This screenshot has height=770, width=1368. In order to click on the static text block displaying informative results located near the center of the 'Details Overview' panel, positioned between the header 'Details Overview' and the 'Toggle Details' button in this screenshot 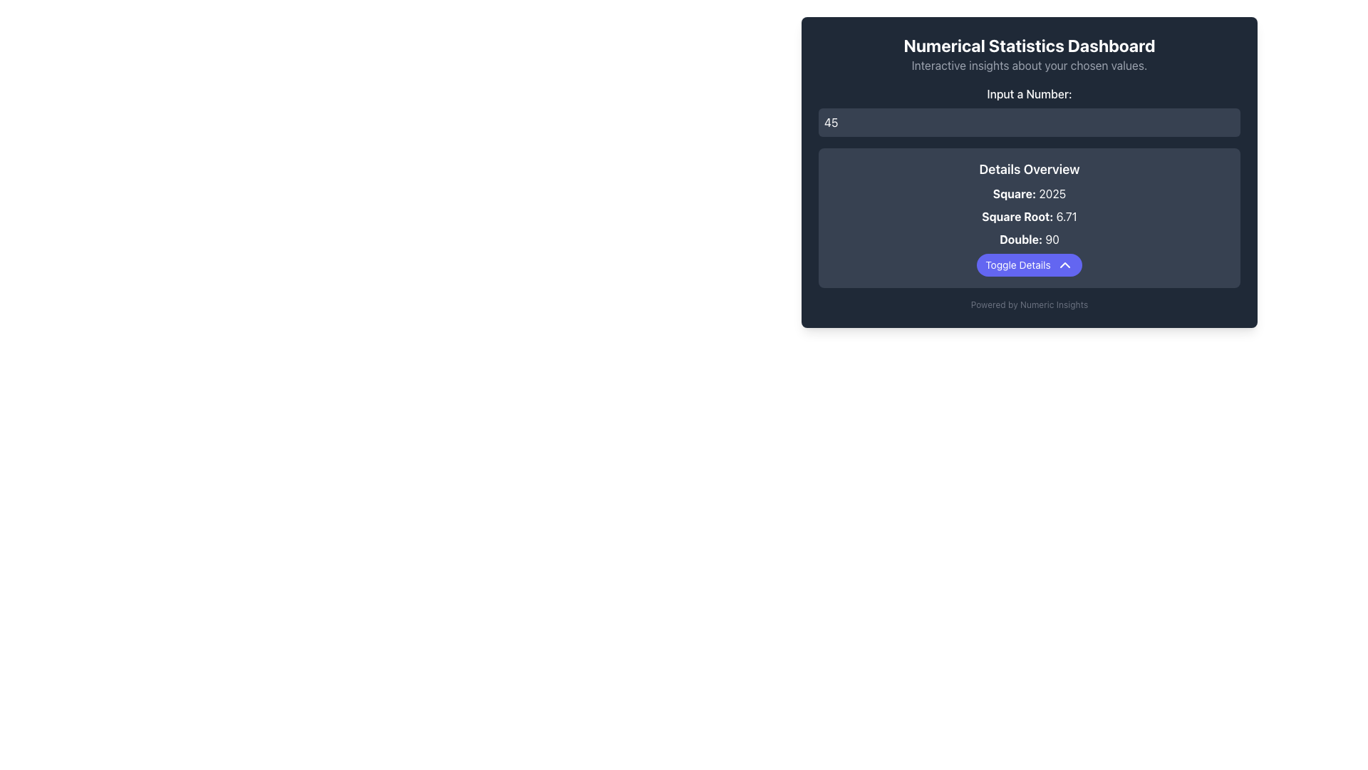, I will do `click(1029, 217)`.